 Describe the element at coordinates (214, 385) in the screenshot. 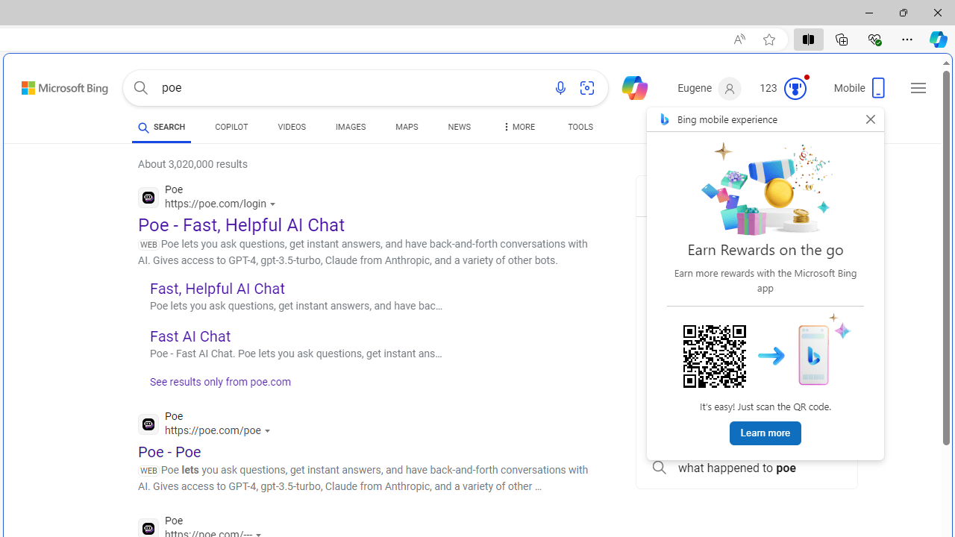

I see `'See results only from poe.com'` at that location.